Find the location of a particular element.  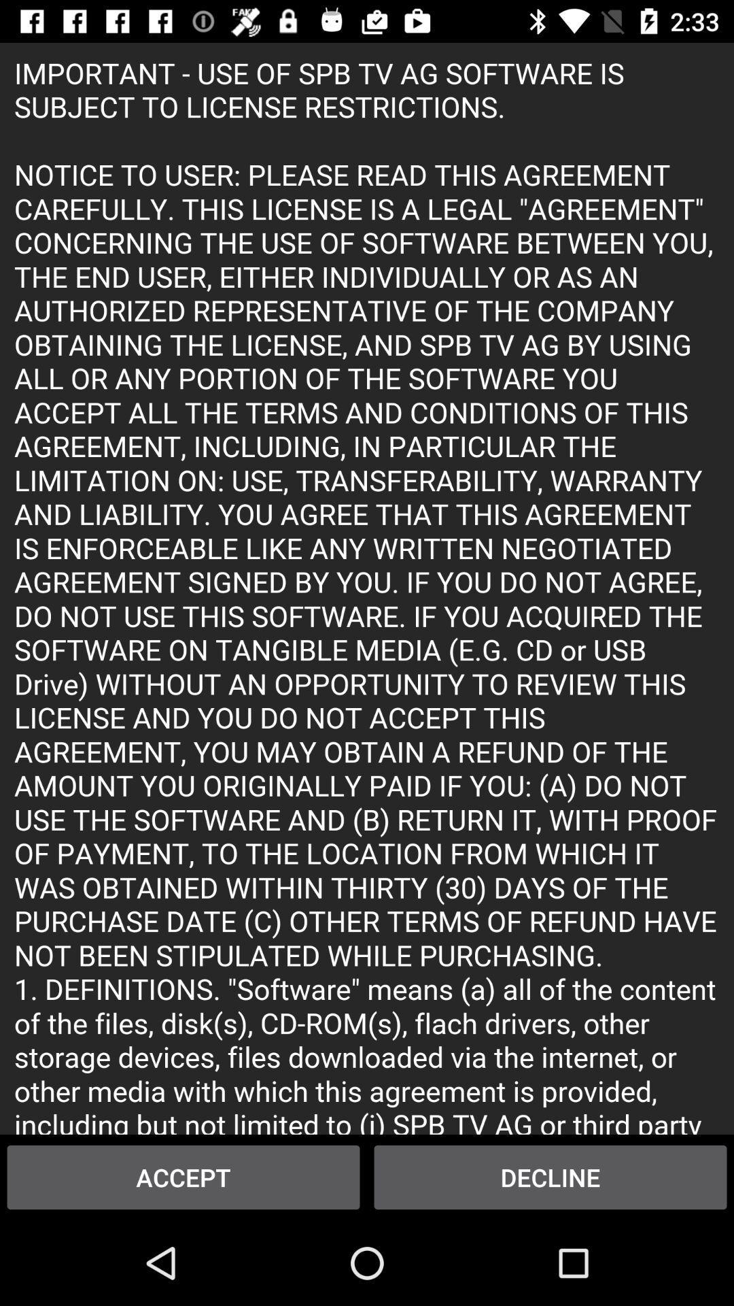

decline at the bottom right corner is located at coordinates (550, 1177).